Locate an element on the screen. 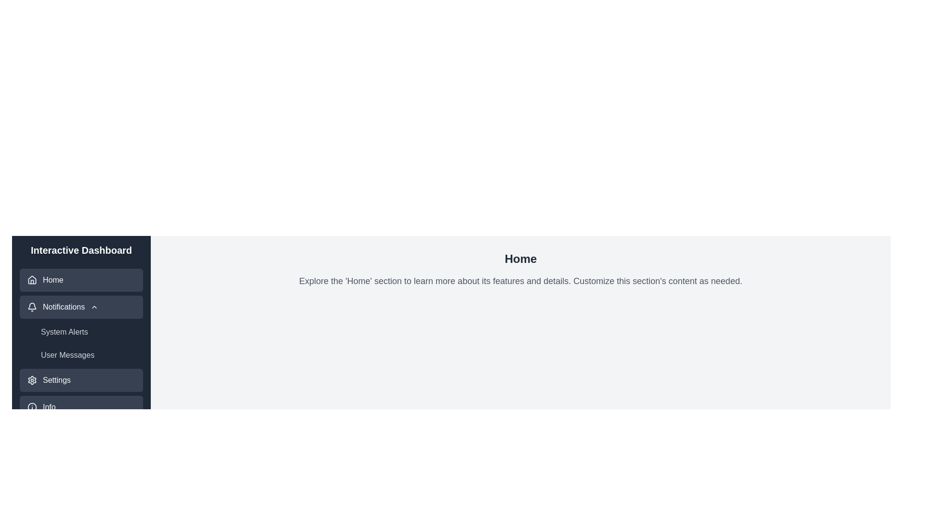  the navigation button associated with the text label indicating the purpose of directing users to informational content or a help page, located beneath the 'Settings' option in the vertical navigation menu is located at coordinates (49, 407).